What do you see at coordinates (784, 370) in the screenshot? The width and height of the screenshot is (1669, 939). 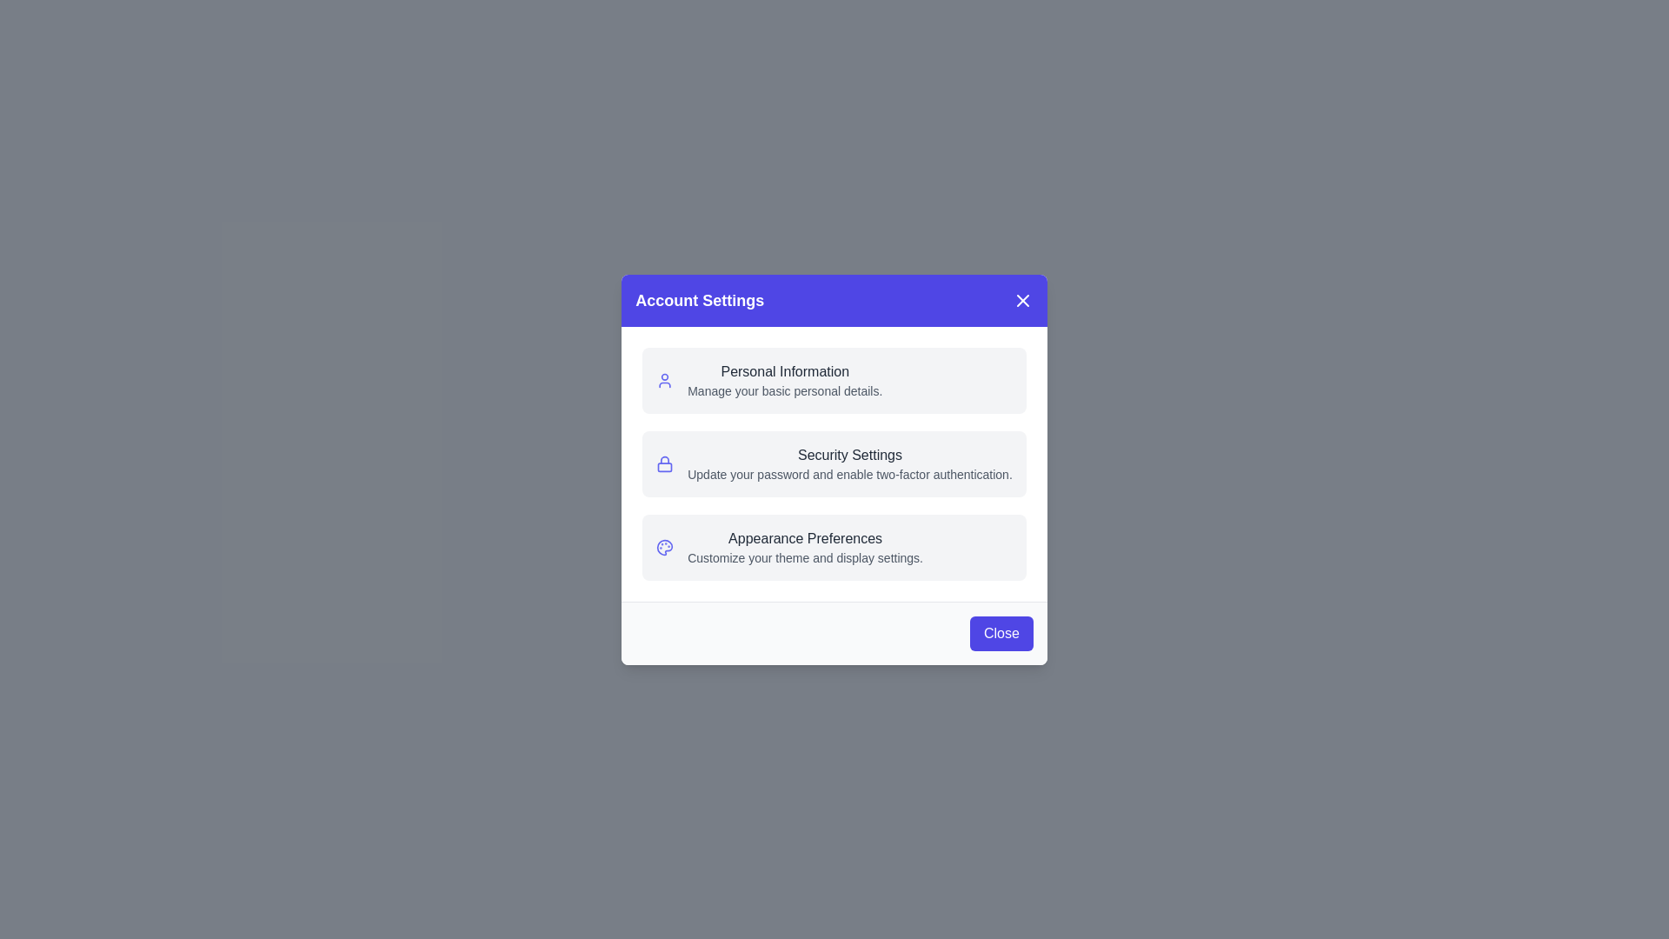 I see `the 'Personal Information' section by` at bounding box center [784, 370].